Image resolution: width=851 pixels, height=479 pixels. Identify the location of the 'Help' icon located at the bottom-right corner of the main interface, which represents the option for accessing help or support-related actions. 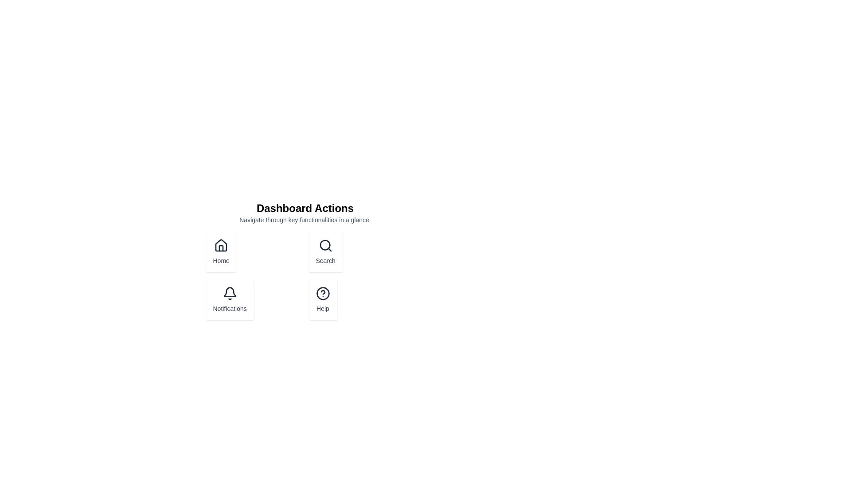
(322, 294).